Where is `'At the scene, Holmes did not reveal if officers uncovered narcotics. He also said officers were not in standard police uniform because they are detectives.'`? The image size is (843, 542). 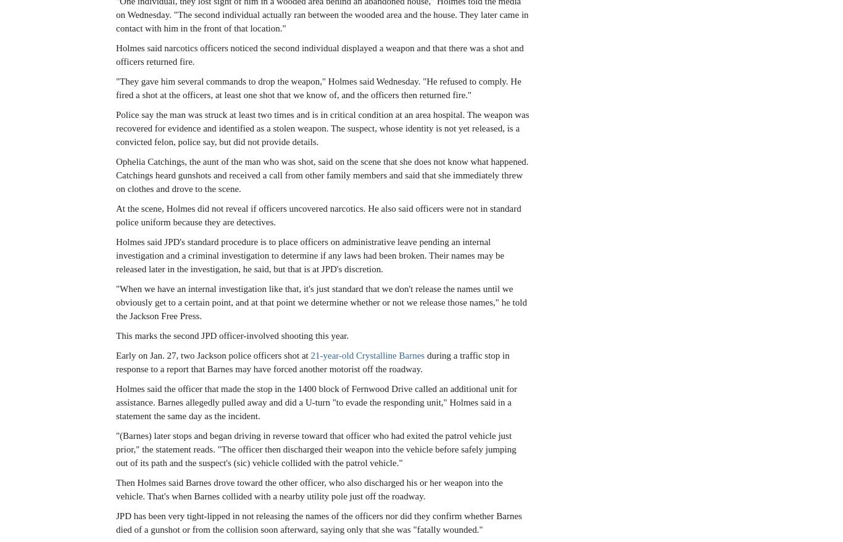
'At the scene, Holmes did not reveal if officers uncovered narcotics. He also said officers were not in standard police uniform because they are detectives.' is located at coordinates (318, 215).